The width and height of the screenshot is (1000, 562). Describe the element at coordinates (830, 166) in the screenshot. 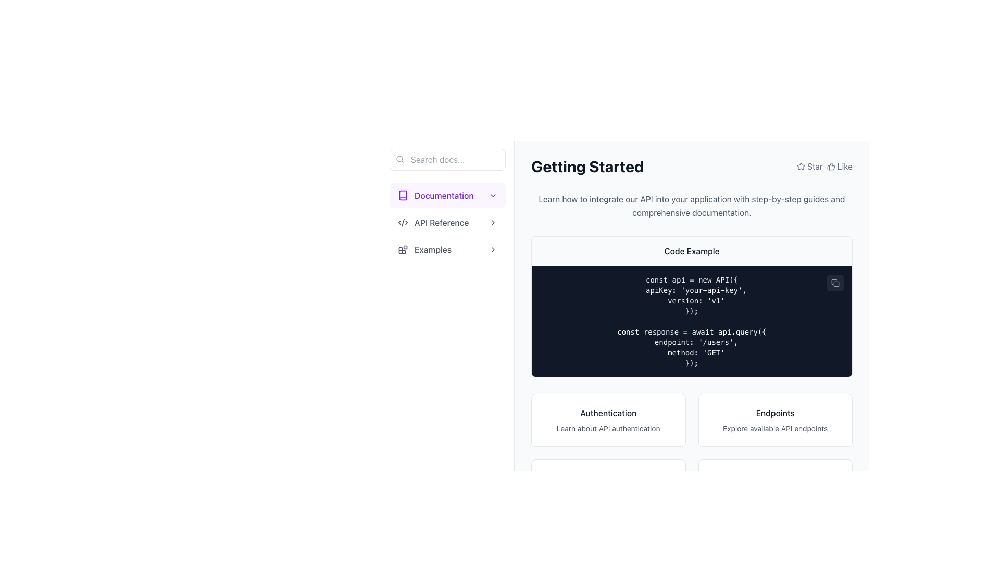

I see `the thumbs-up icon, which is styled as an outlined vector graphic and located to the right of the 'Star' label in the upper-right corner of the interface` at that location.